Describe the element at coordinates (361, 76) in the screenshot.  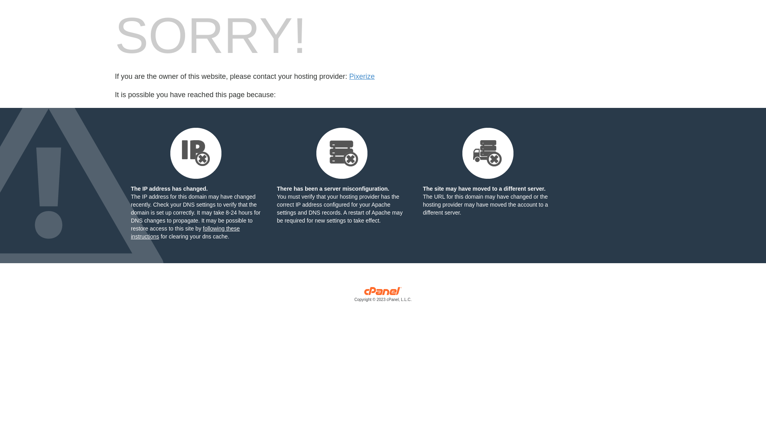
I see `'Pixerize'` at that location.